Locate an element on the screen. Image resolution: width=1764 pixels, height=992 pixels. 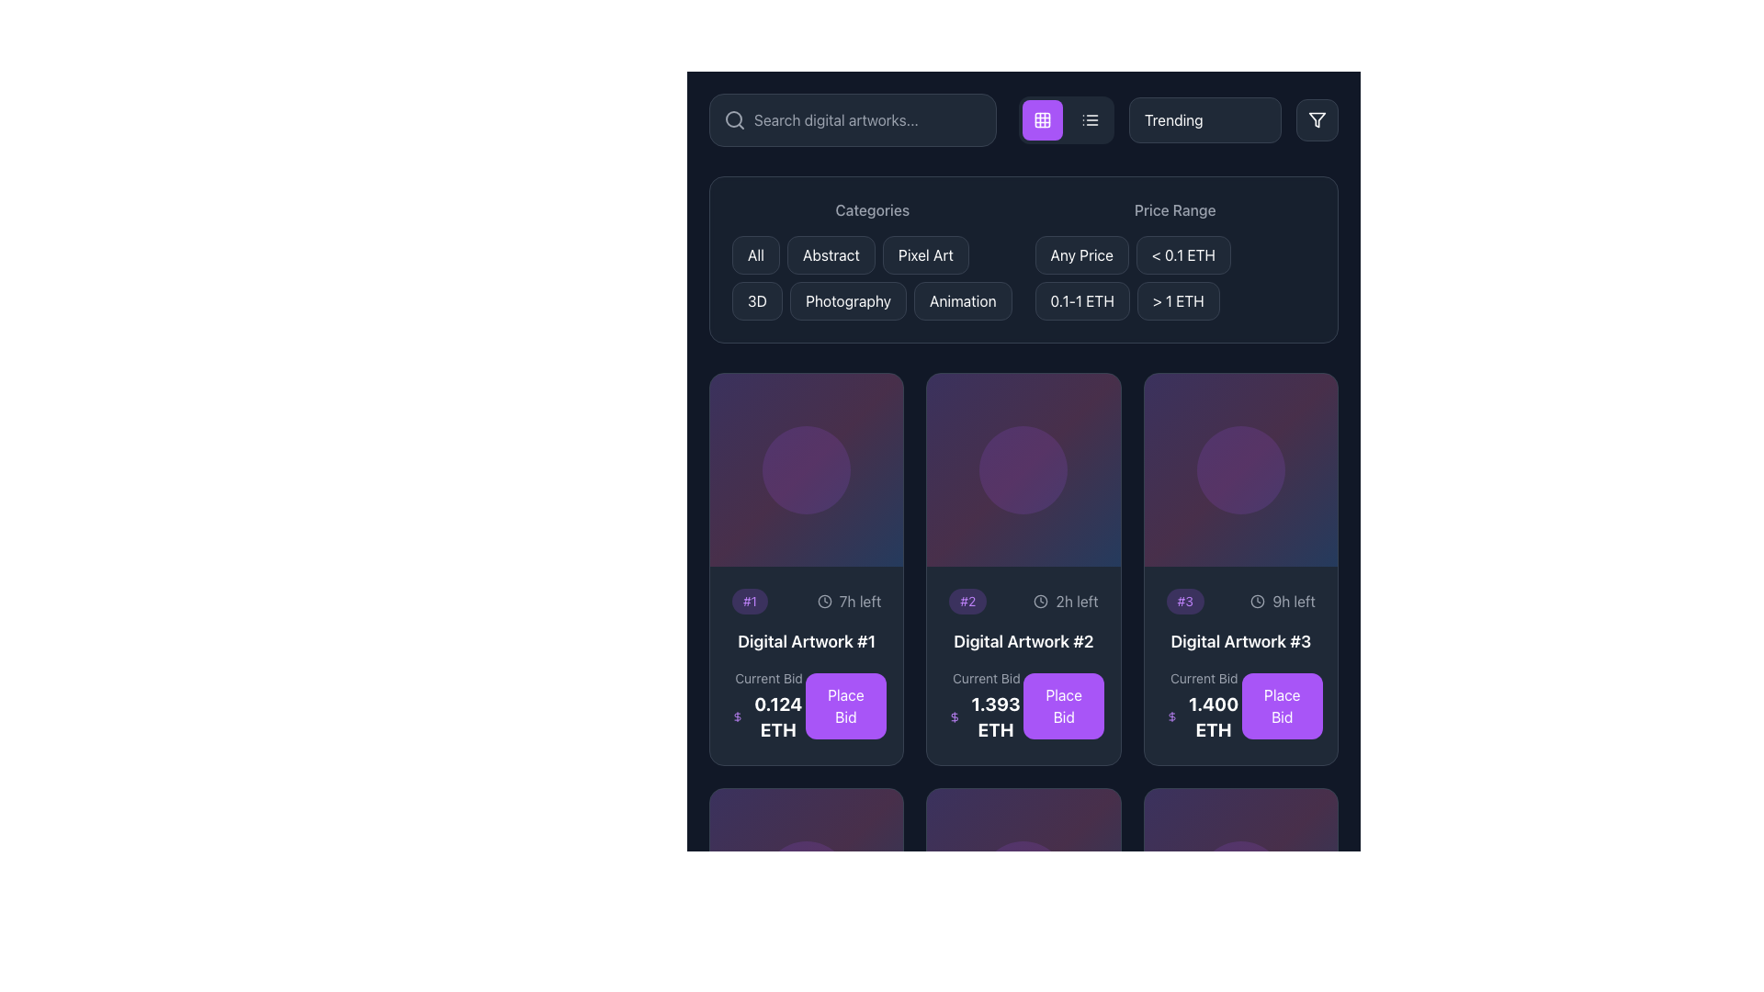
the central circular element of the clock icon located in the header of the card in the second column of the grid layout is located at coordinates (1041, 602).